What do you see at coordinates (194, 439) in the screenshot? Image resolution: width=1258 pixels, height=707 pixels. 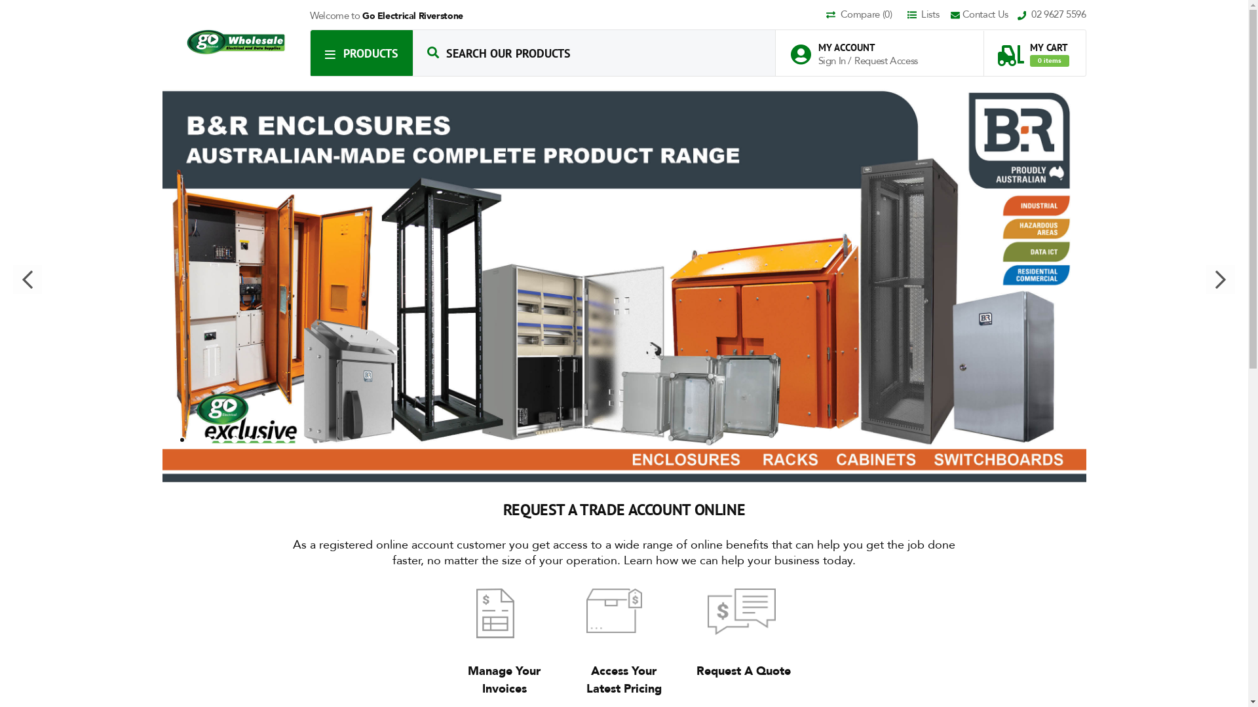 I see `'3'` at bounding box center [194, 439].